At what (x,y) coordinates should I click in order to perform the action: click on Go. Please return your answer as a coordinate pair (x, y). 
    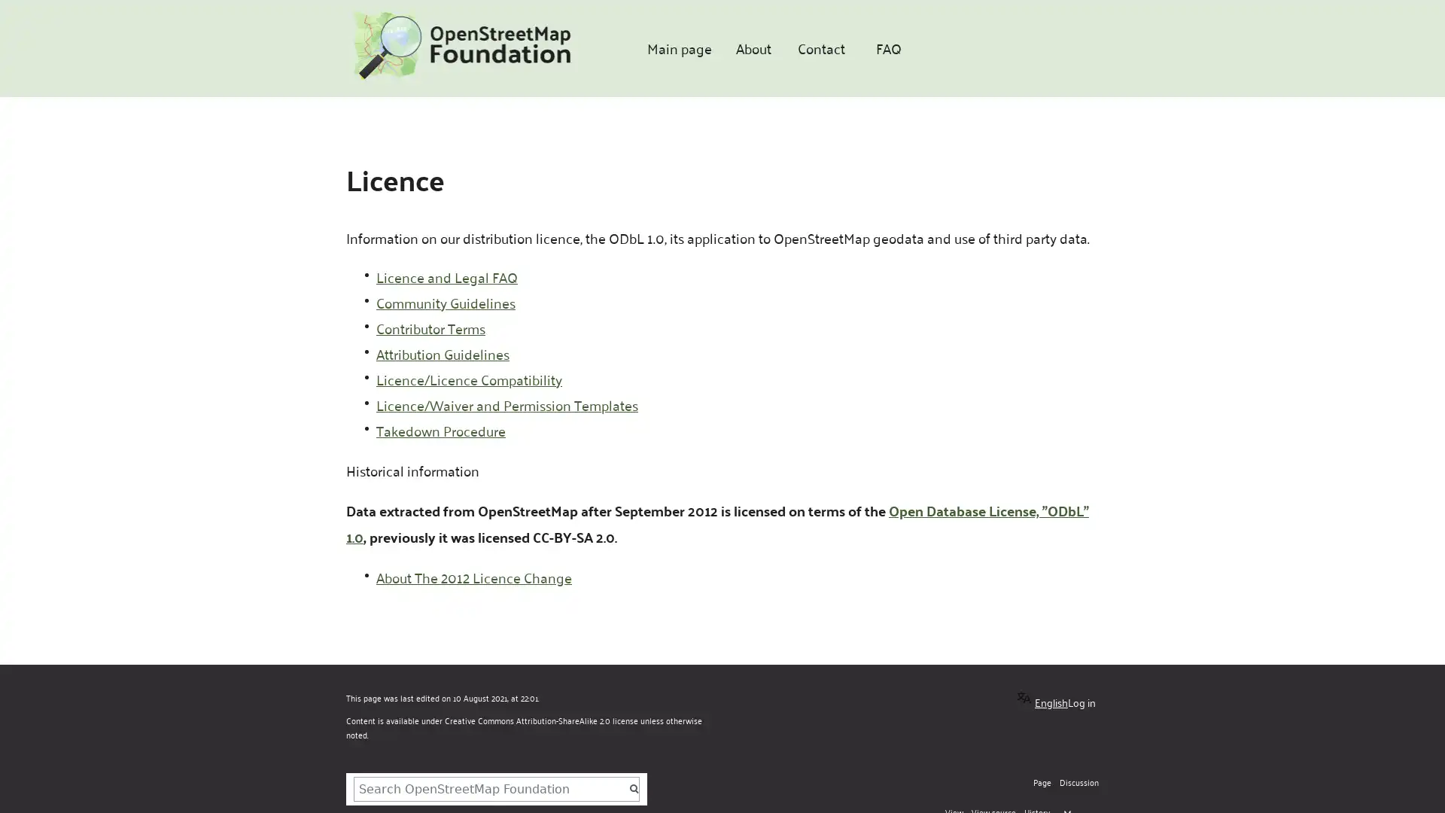
    Looking at the image, I should click on (634, 788).